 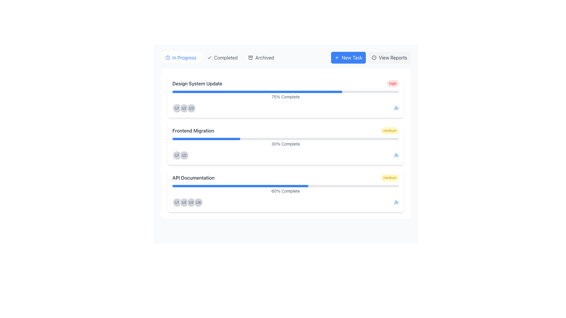 What do you see at coordinates (286, 191) in the screenshot?
I see `the static text label that reads '60% Complete', which is located beneath a blue and gray progress bar in the third card labeled 'API Documentation'` at bounding box center [286, 191].